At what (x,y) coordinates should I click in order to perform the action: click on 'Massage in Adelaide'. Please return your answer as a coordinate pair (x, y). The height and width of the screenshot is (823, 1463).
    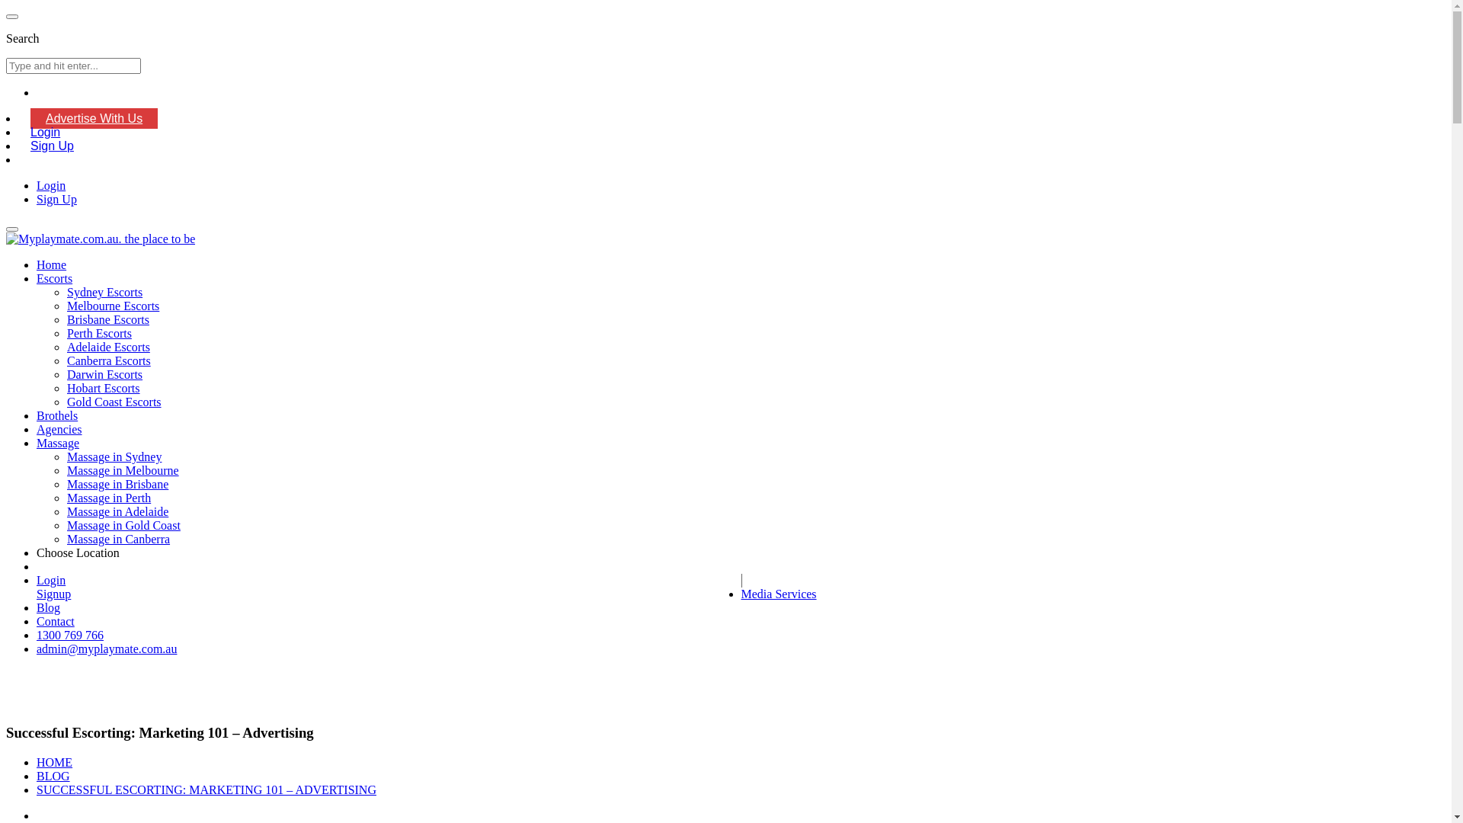
    Looking at the image, I should click on (117, 511).